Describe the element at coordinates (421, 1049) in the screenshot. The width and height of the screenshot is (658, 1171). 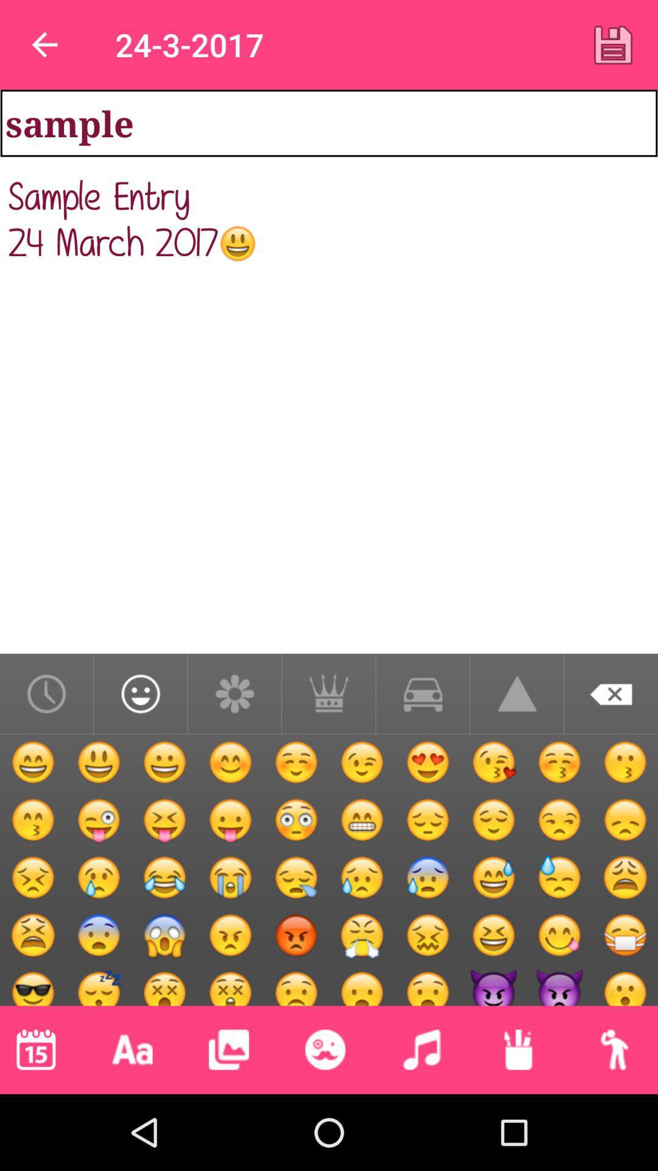
I see `the music icon` at that location.